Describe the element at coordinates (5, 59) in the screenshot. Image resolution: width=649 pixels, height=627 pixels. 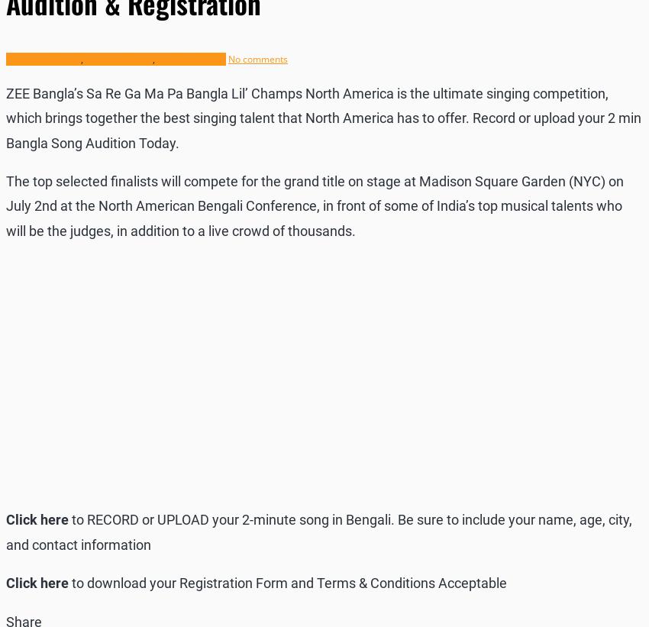
I see `'Current Auditions'` at that location.